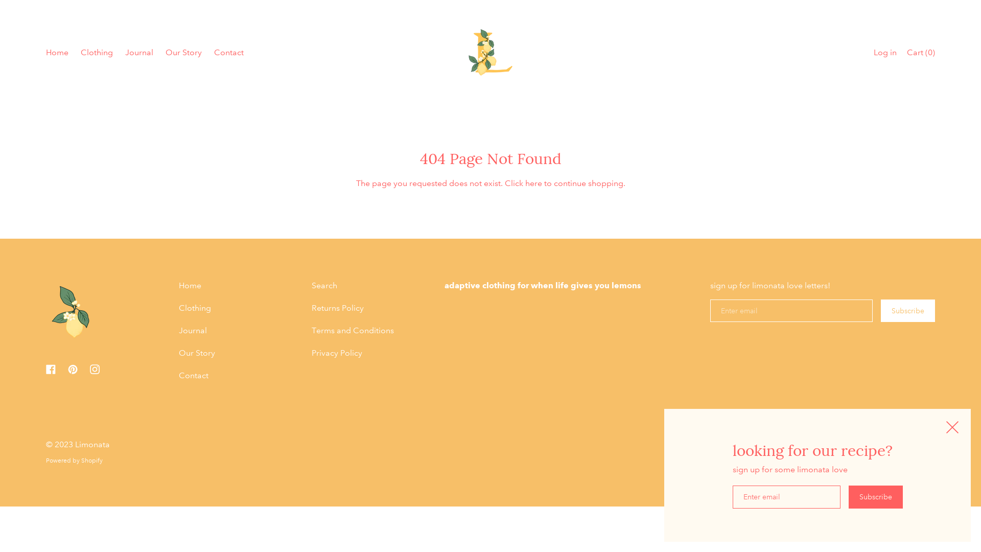 Image resolution: width=981 pixels, height=552 pixels. What do you see at coordinates (190, 286) in the screenshot?
I see `'Home'` at bounding box center [190, 286].